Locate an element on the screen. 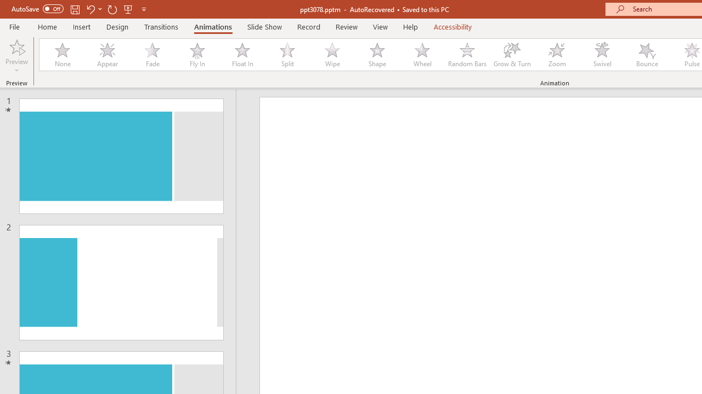  'Record' is located at coordinates (308, 26).